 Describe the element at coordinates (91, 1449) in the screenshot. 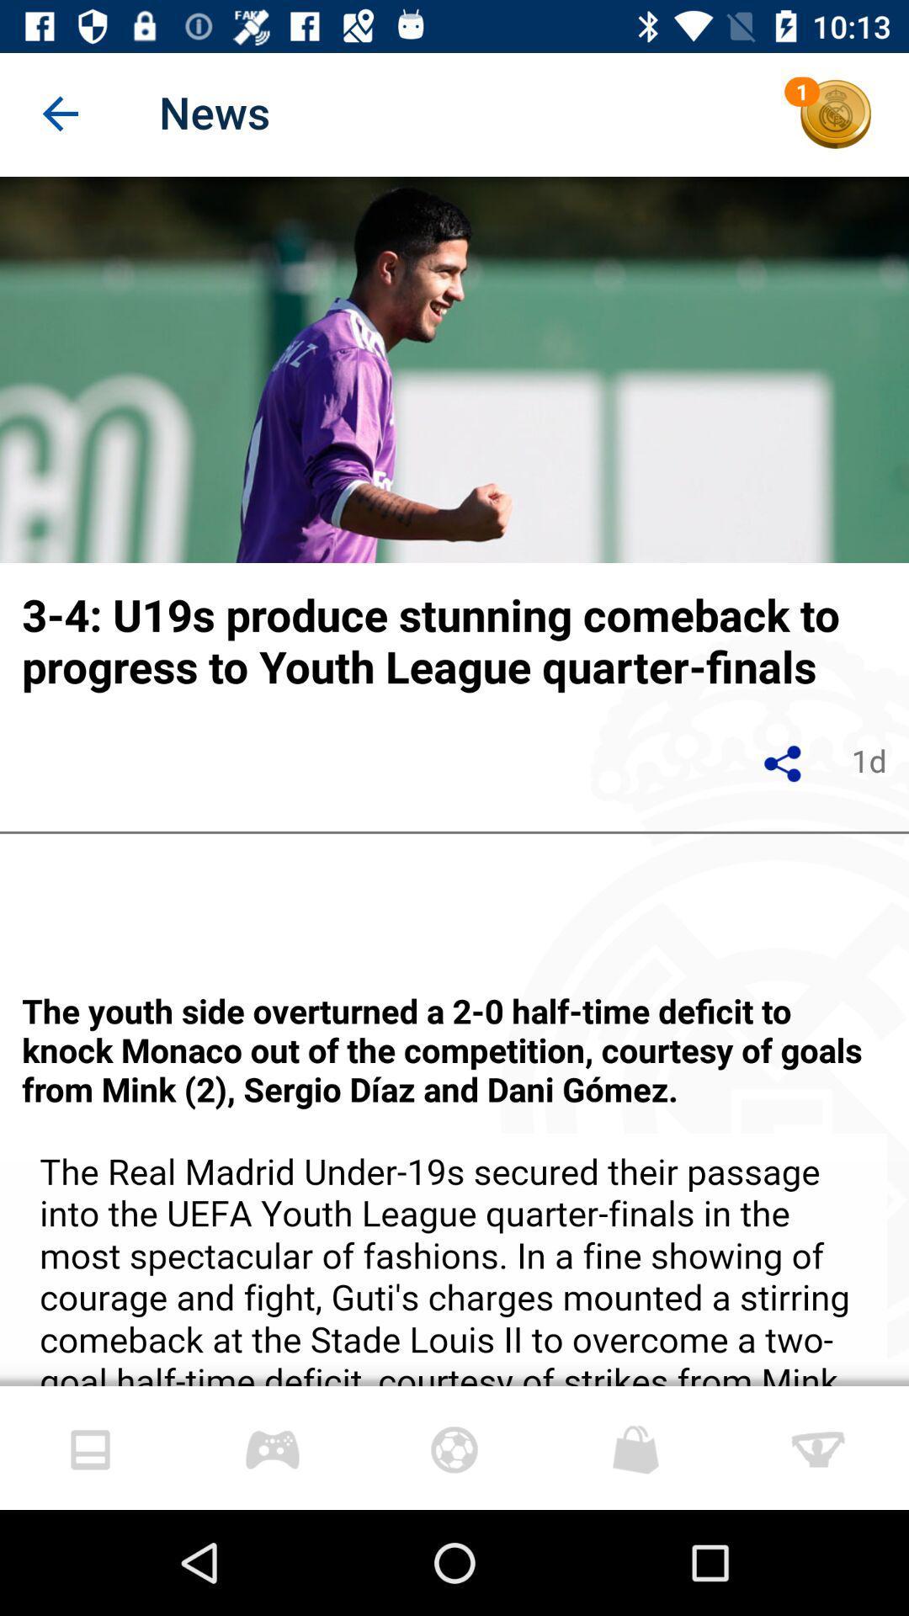

I see `the first icon which is above the navigation bar` at that location.